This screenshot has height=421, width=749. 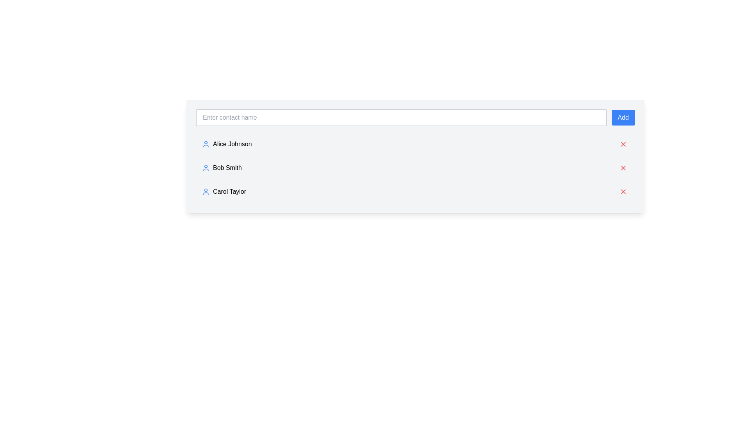 What do you see at coordinates (229, 192) in the screenshot?
I see `the text label displaying the contact name 'Carol Taylor', which is positioned as the third item in the contact list` at bounding box center [229, 192].